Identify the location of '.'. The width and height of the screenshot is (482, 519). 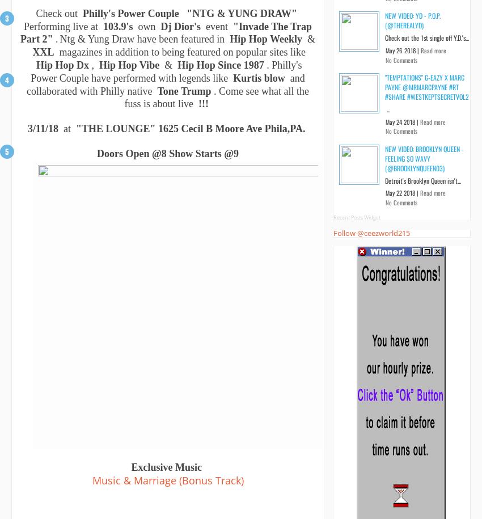
(56, 38).